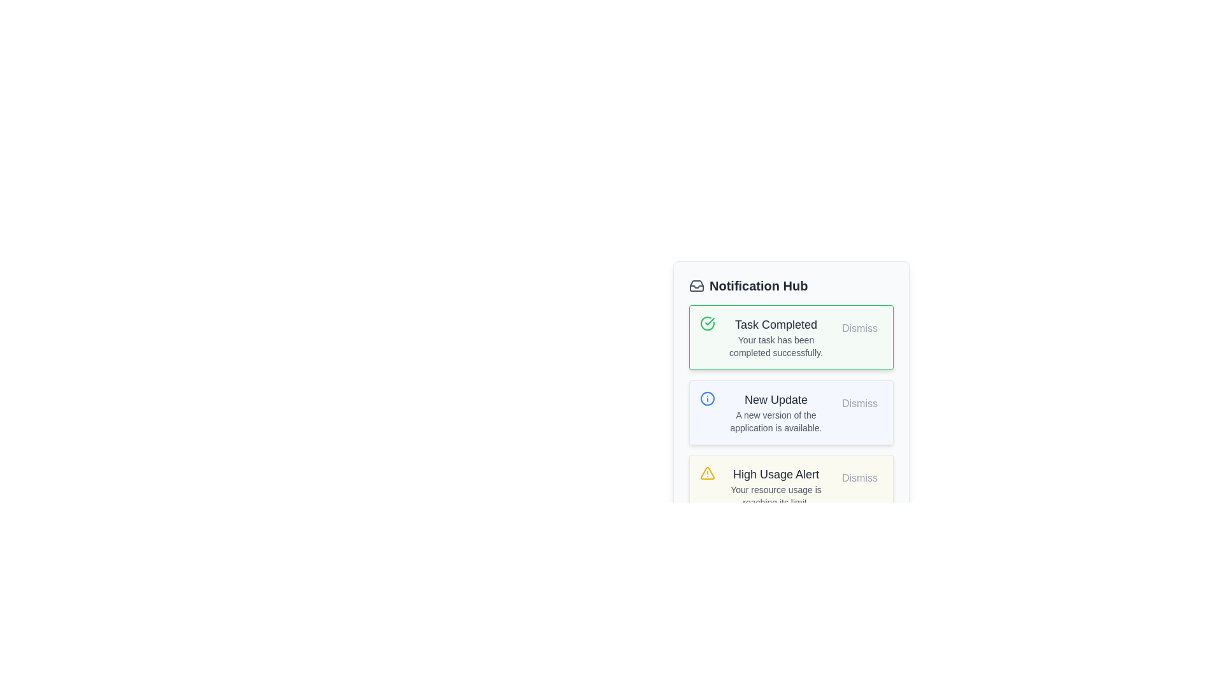 This screenshot has height=688, width=1223. I want to click on text from the 'High Usage Alert' text label, which is a bold, medium-sized text in gray color located in the third notification box of the 'Notification Hub', so click(775, 474).